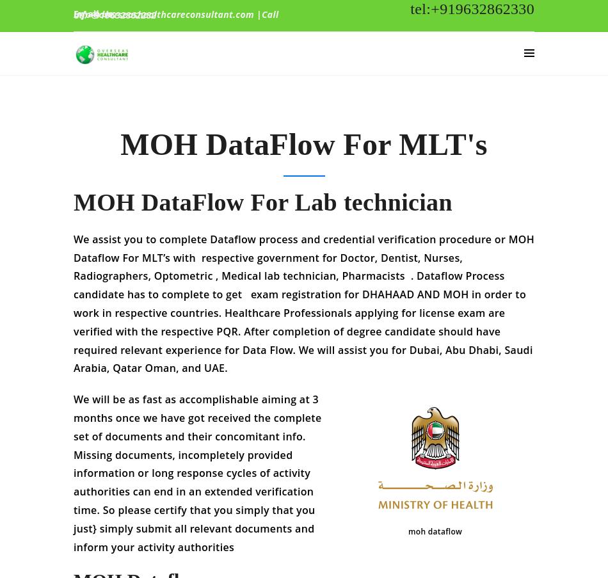  I want to click on 'Qatar', so click(125, 376).